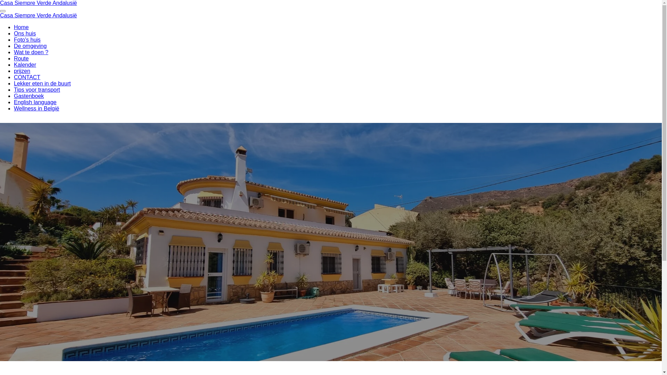 The width and height of the screenshot is (667, 375). Describe the element at coordinates (27, 40) in the screenshot. I see `'Foto's huis'` at that location.